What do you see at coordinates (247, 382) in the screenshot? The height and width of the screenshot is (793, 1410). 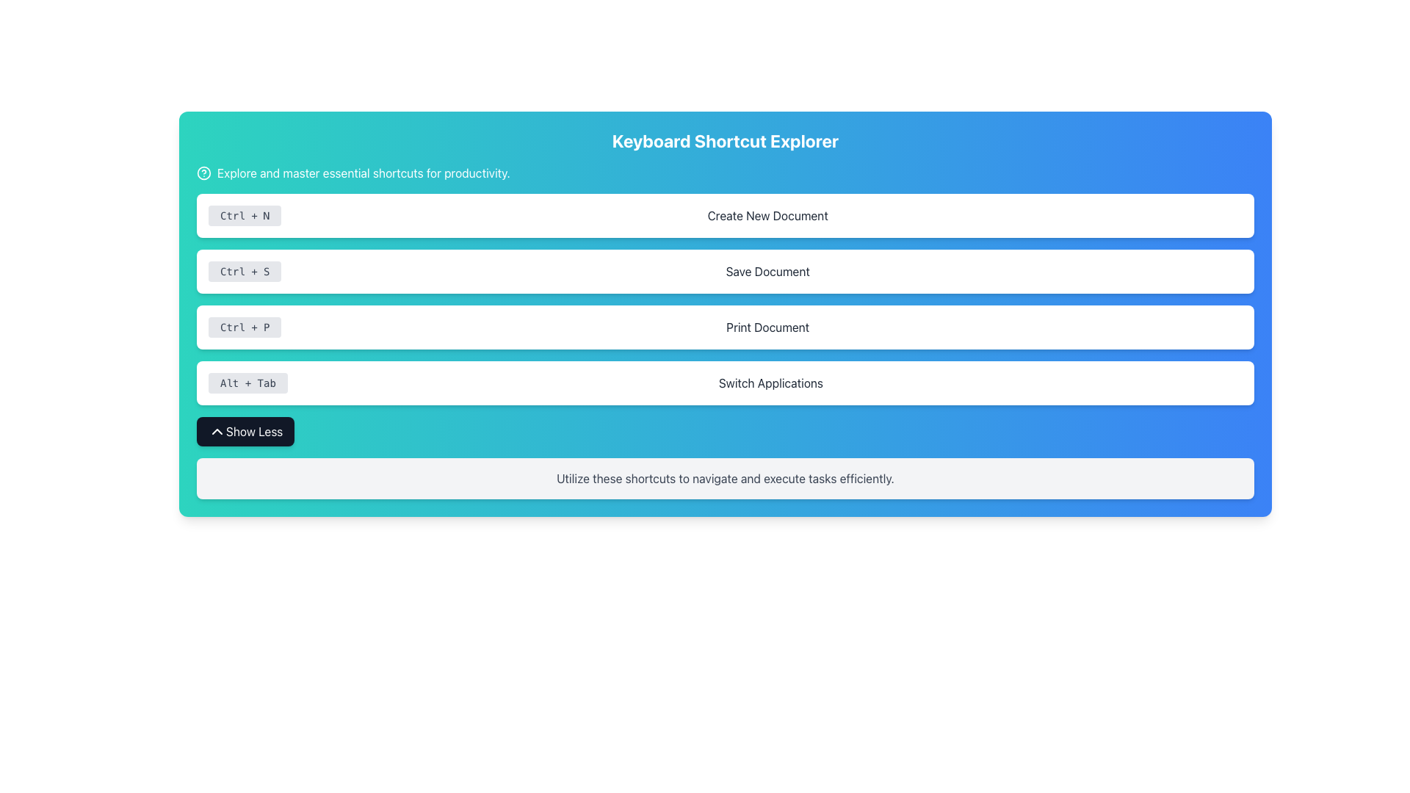 I see `the text label displaying 'Alt + Tab', which is styled with typewriter-like font and has a light gray background with rounded edges` at bounding box center [247, 382].